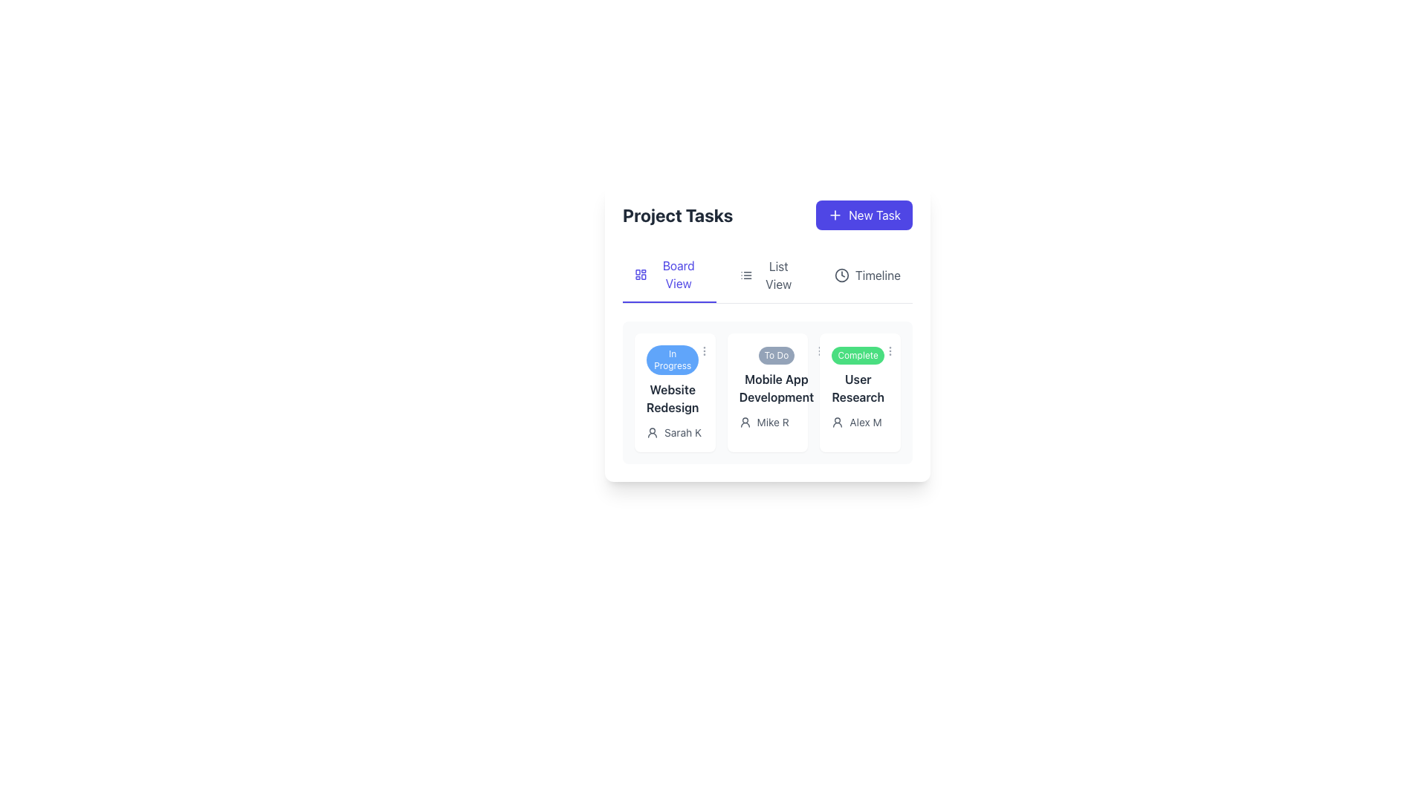 The width and height of the screenshot is (1427, 802). I want to click on the Label and Title Pair that indicates the status and title of a task in the project management interface, positioned above the text 'Sarah K', so click(674, 380).